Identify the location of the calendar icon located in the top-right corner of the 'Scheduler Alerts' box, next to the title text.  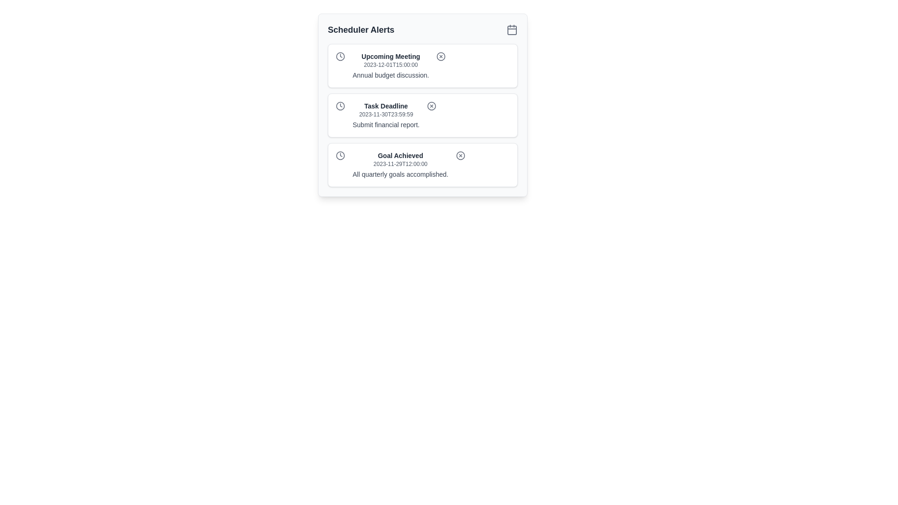
(511, 29).